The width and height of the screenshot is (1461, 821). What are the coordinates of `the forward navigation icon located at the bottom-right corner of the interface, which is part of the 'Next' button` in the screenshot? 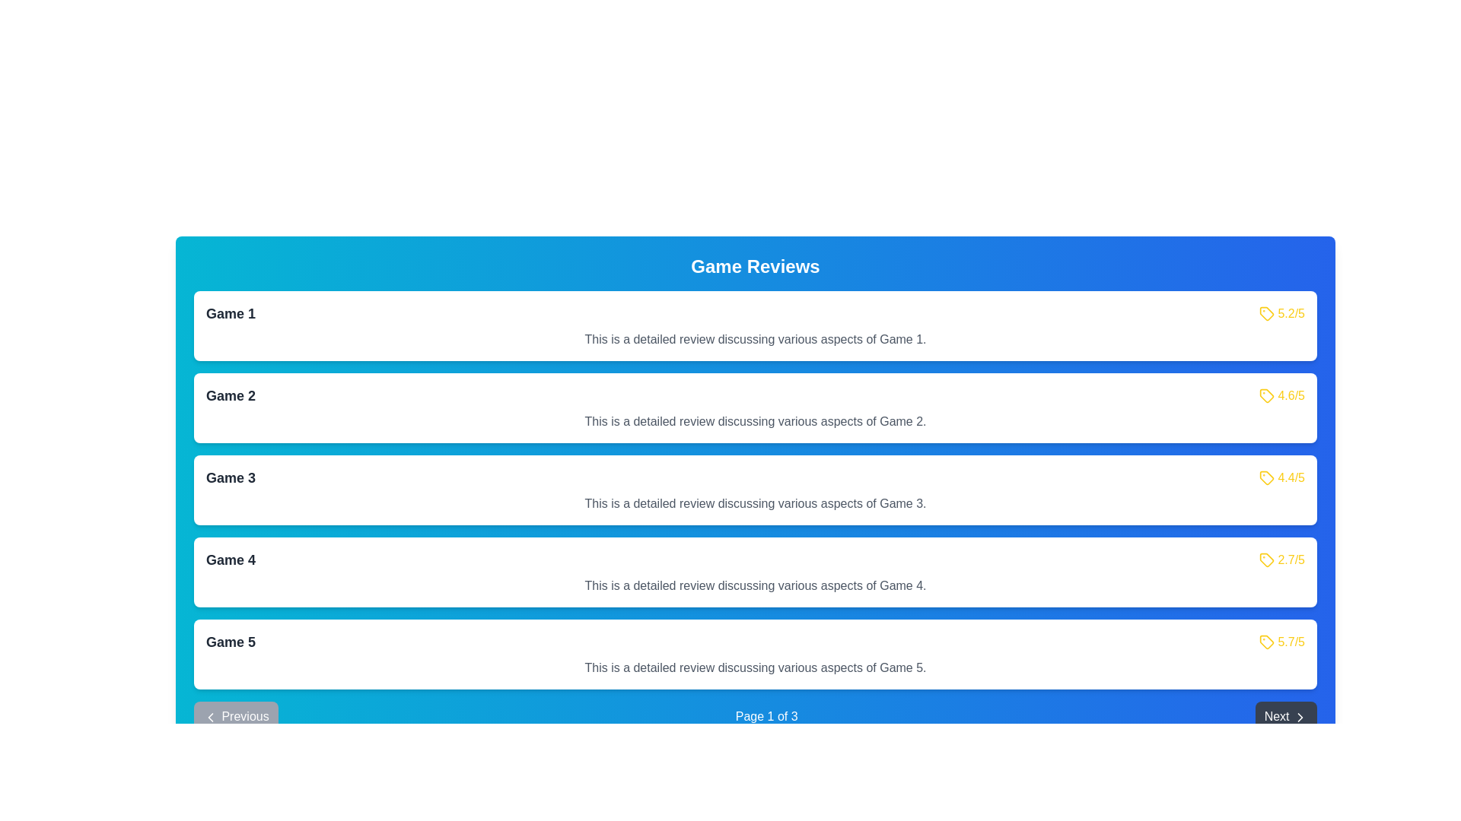 It's located at (1299, 716).